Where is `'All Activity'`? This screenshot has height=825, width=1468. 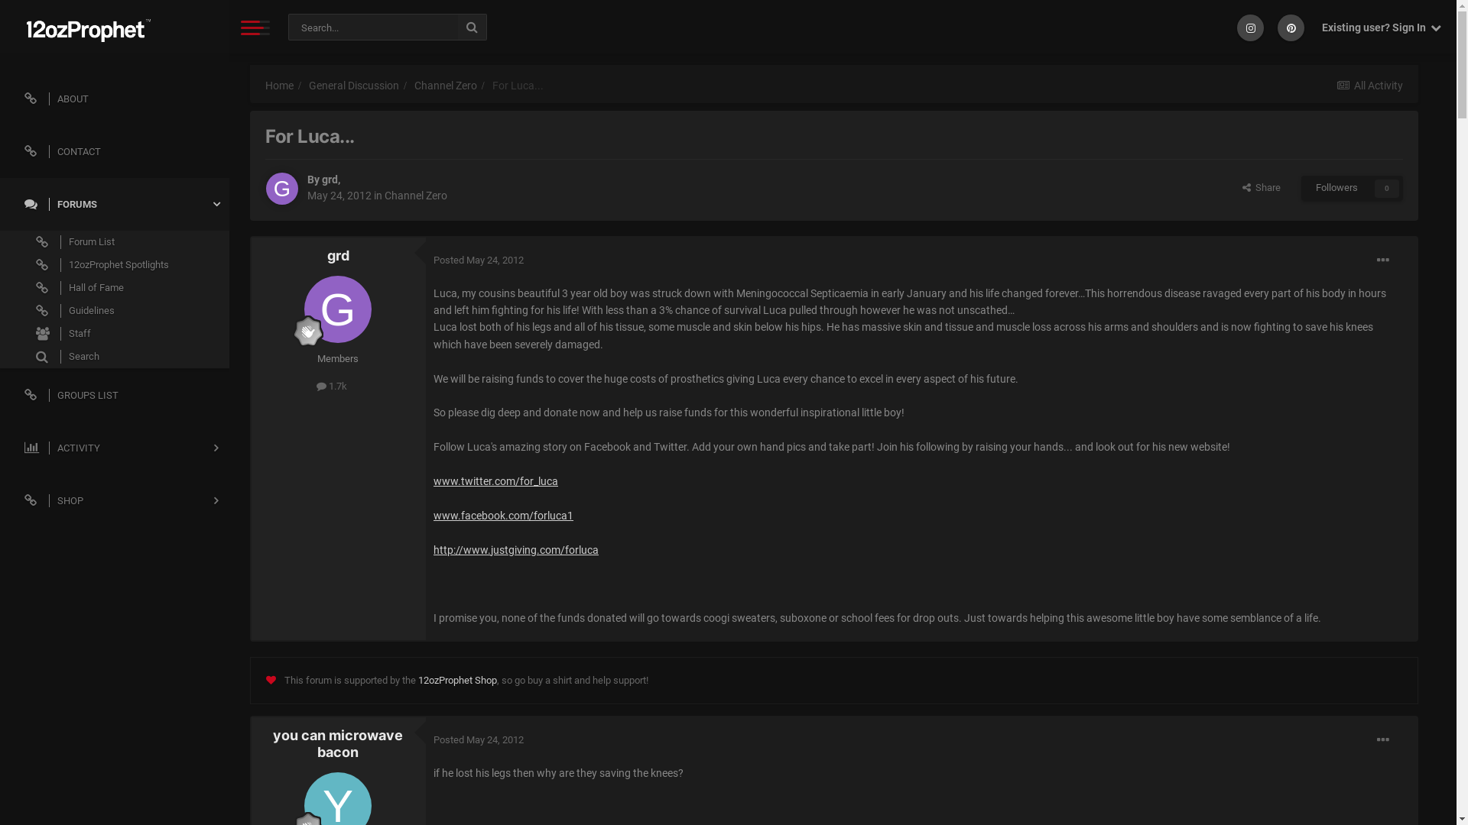 'All Activity' is located at coordinates (1369, 85).